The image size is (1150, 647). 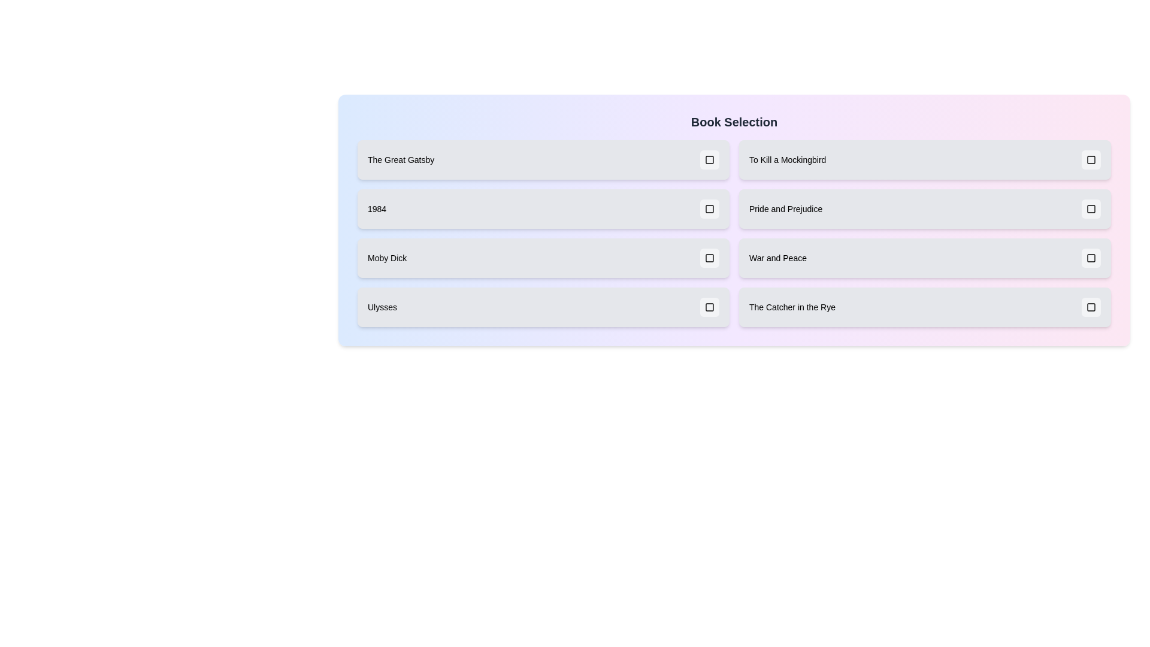 What do you see at coordinates (924, 159) in the screenshot?
I see `the book title To Kill a Mockingbird to toggle its selection` at bounding box center [924, 159].